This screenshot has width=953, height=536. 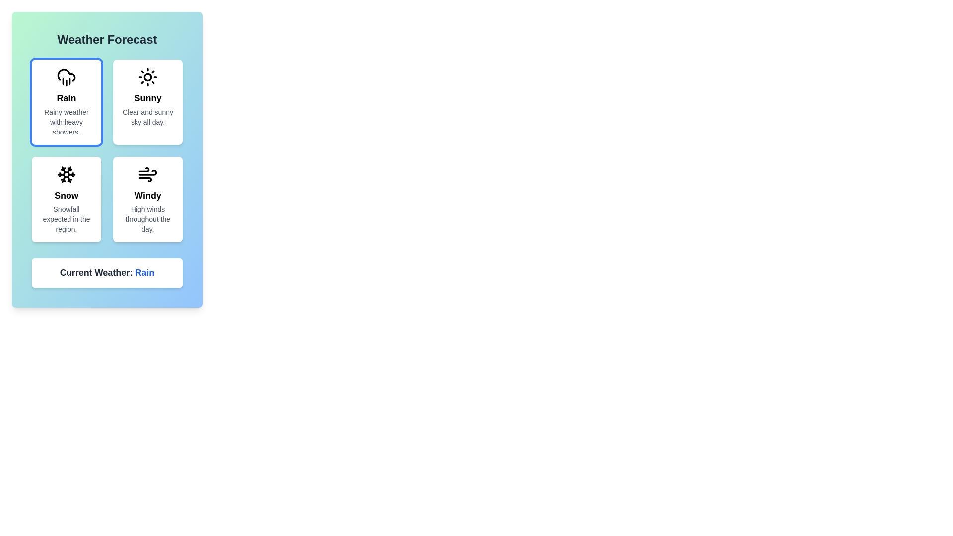 I want to click on text from the header titled 'Weather Forecast', which is centrally located at the top of the interface, so click(x=107, y=39).